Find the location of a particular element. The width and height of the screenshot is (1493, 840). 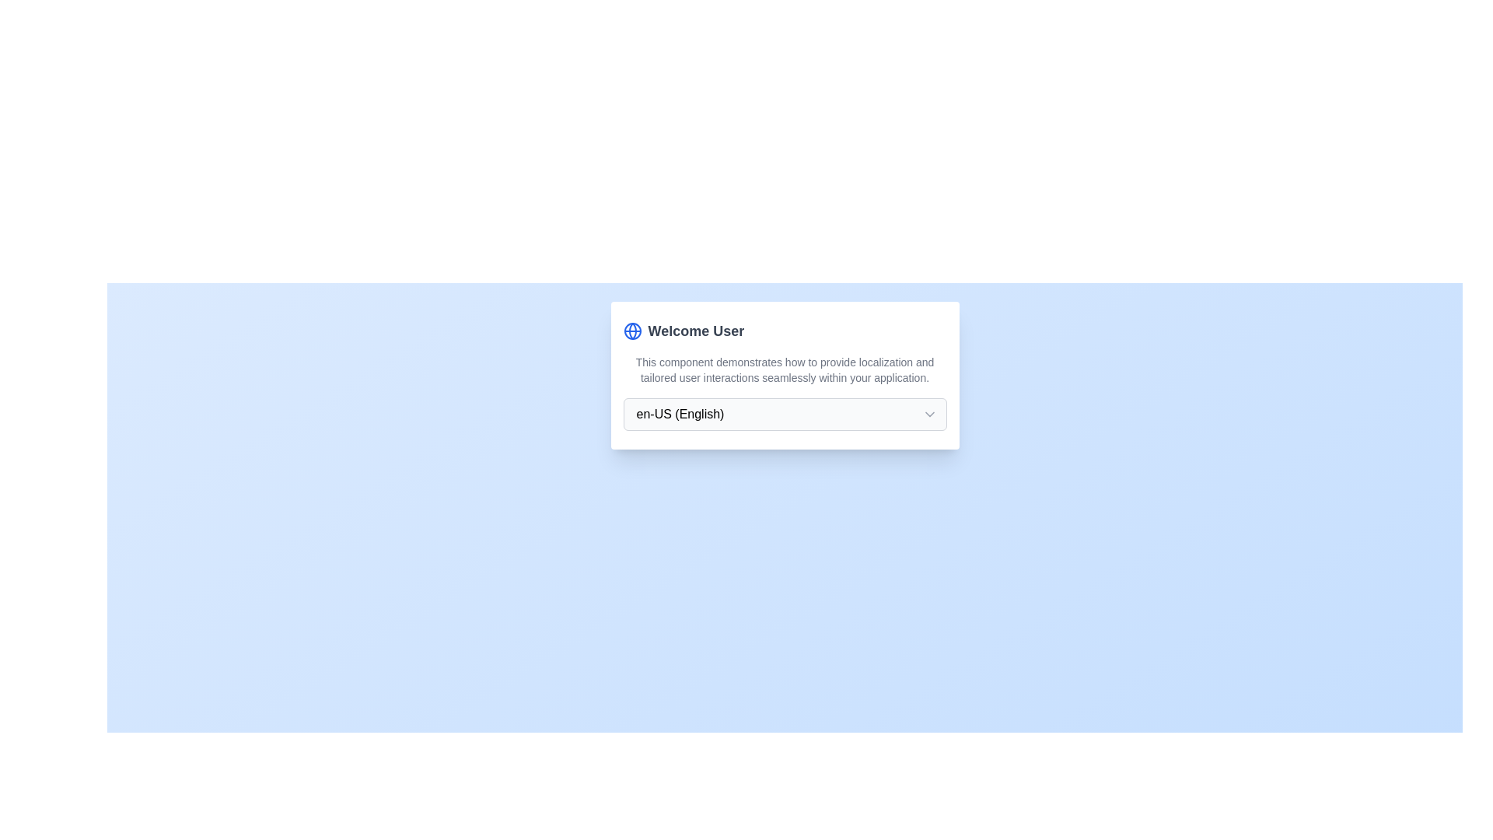

the Icon located to the left of the header text 'Welcome User', which symbolizes global or international aspects is located at coordinates (632, 330).